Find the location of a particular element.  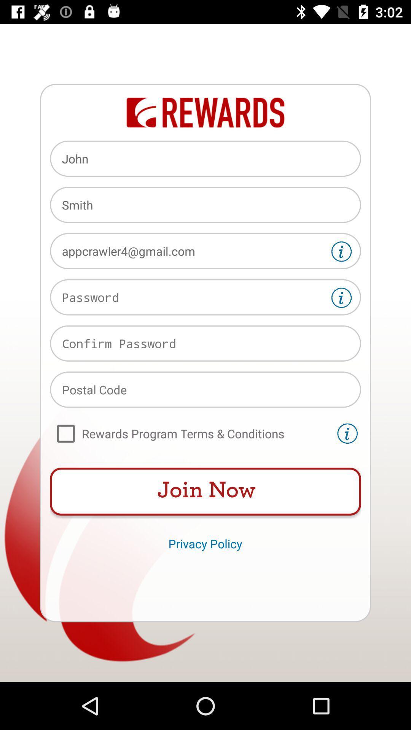

john icon is located at coordinates (205, 158).